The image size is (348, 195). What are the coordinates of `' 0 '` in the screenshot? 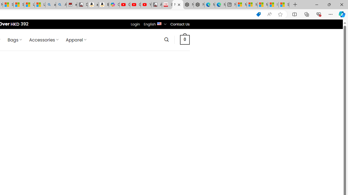 It's located at (185, 39).